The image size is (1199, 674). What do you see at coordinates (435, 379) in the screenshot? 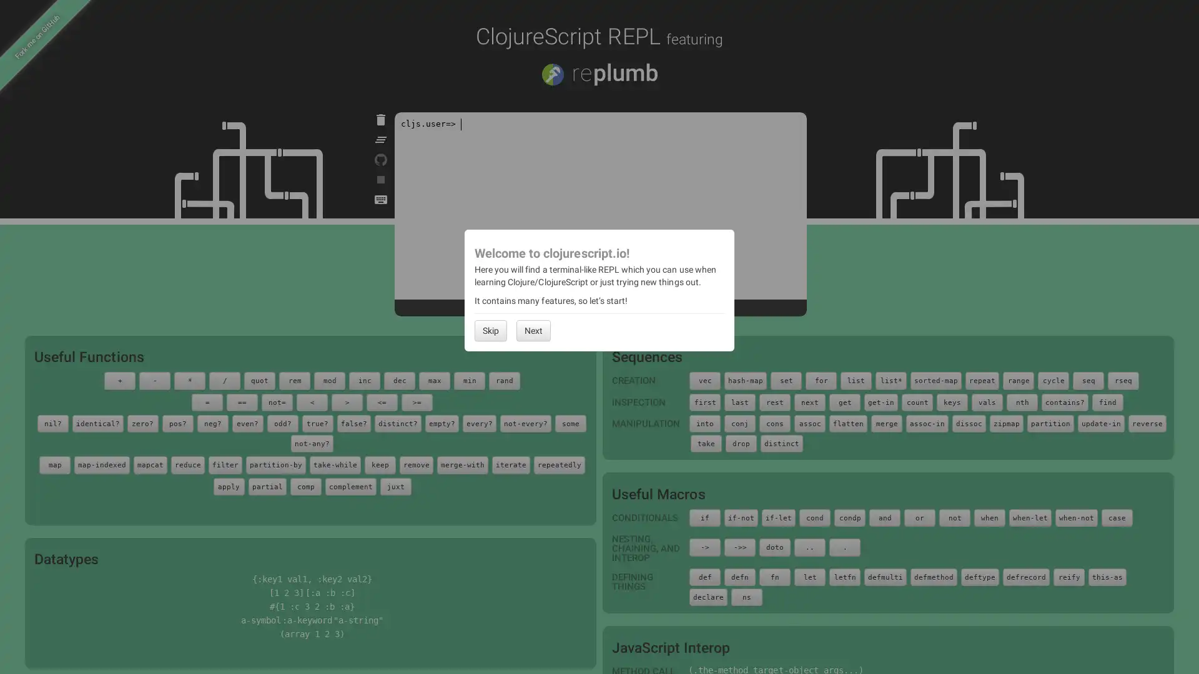
I see `max` at bounding box center [435, 379].